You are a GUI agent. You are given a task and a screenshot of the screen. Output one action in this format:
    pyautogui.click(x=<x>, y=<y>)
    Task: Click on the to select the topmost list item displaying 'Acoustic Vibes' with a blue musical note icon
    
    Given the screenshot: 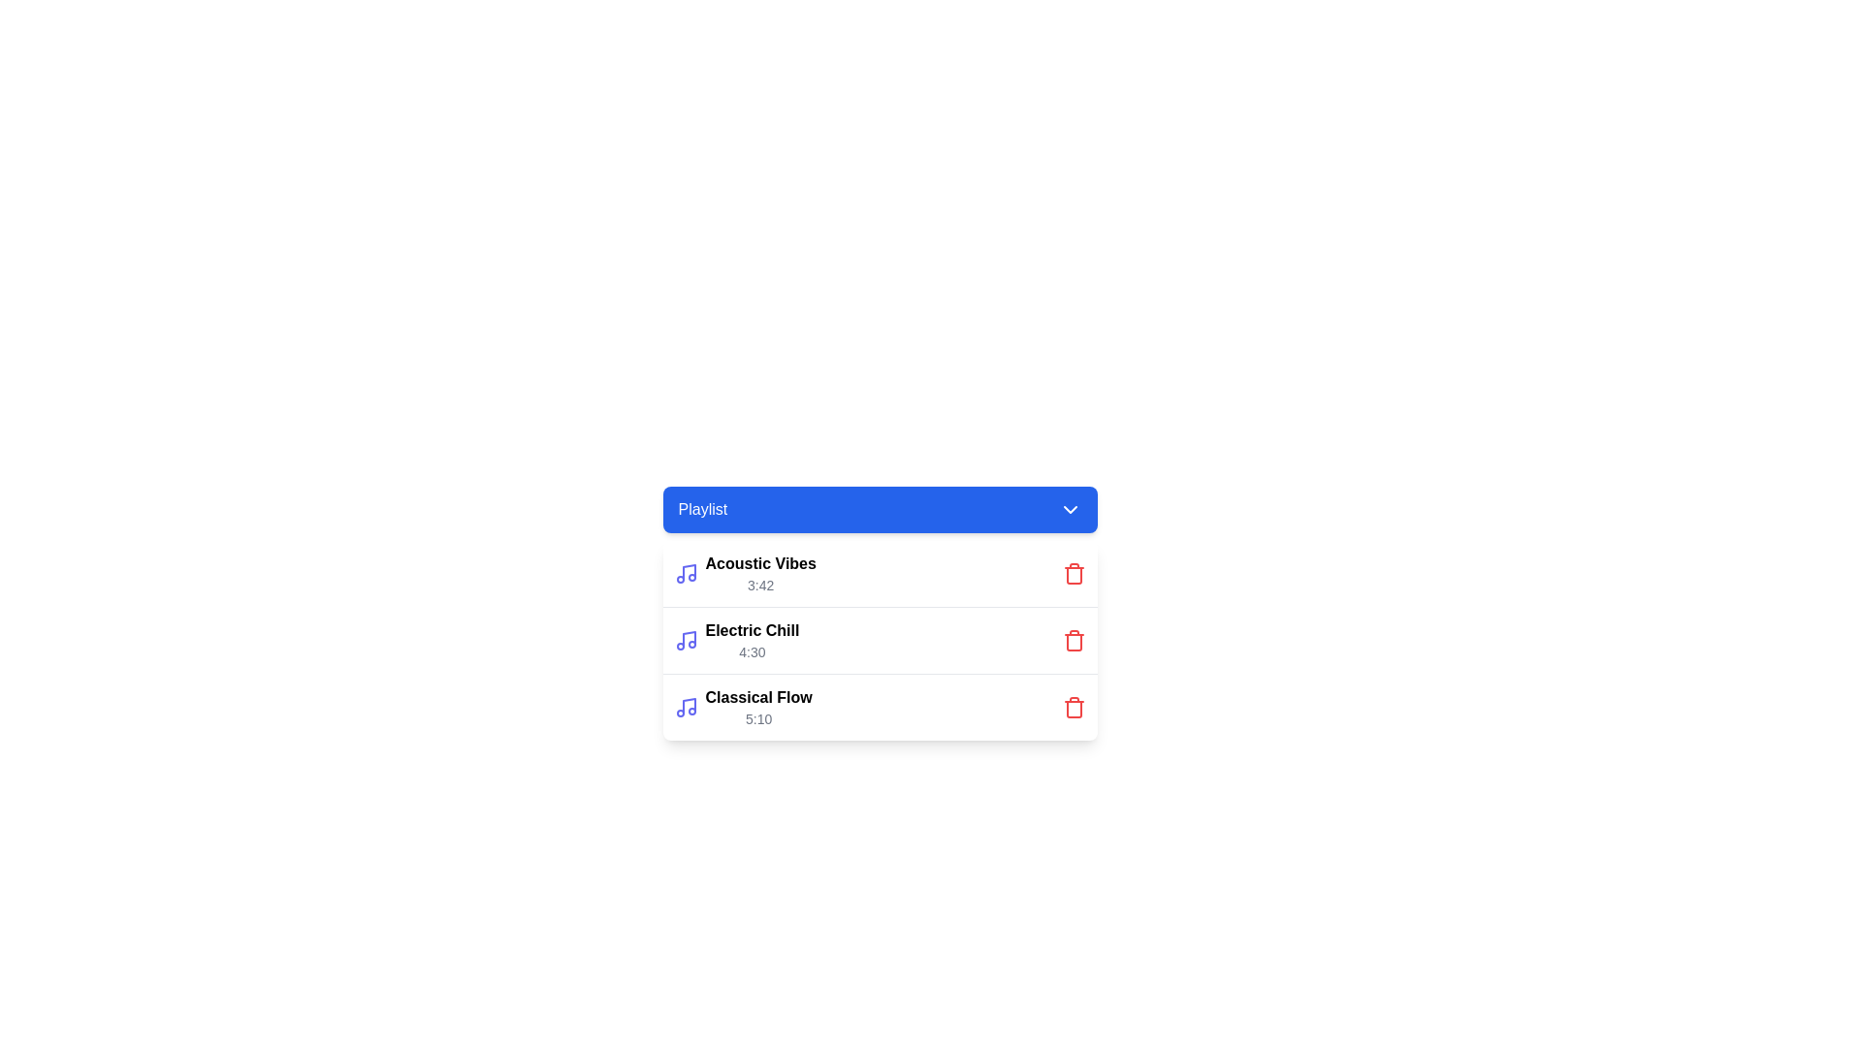 What is the action you would take?
    pyautogui.click(x=744, y=572)
    